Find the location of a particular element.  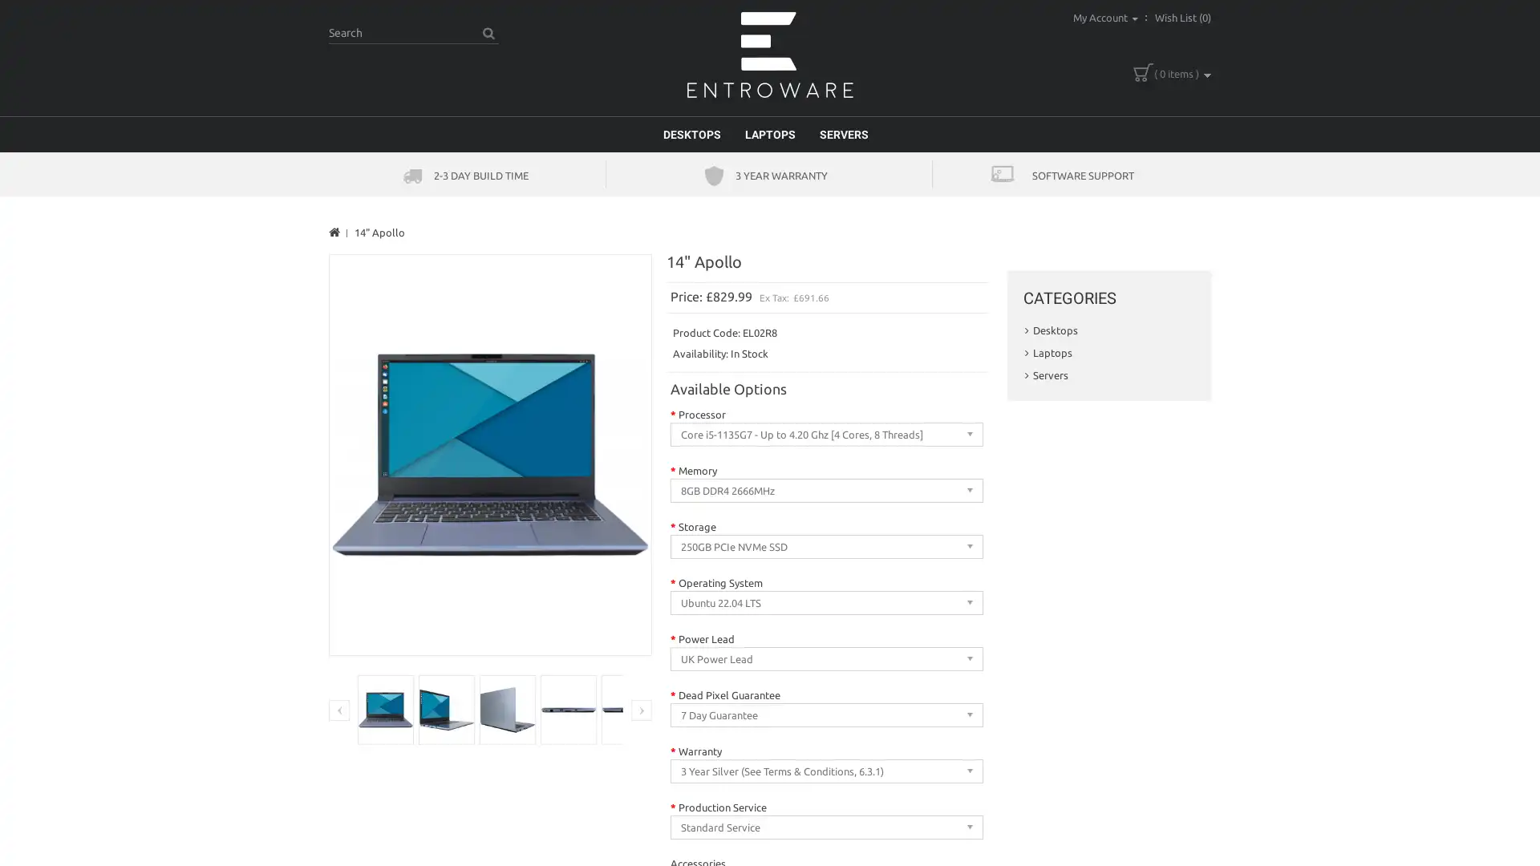

( 0 items ) is located at coordinates (1172, 73).